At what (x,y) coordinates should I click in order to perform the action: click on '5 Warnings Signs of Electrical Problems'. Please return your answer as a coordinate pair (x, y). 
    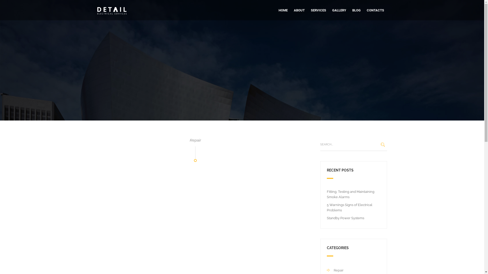
    Looking at the image, I should click on (349, 207).